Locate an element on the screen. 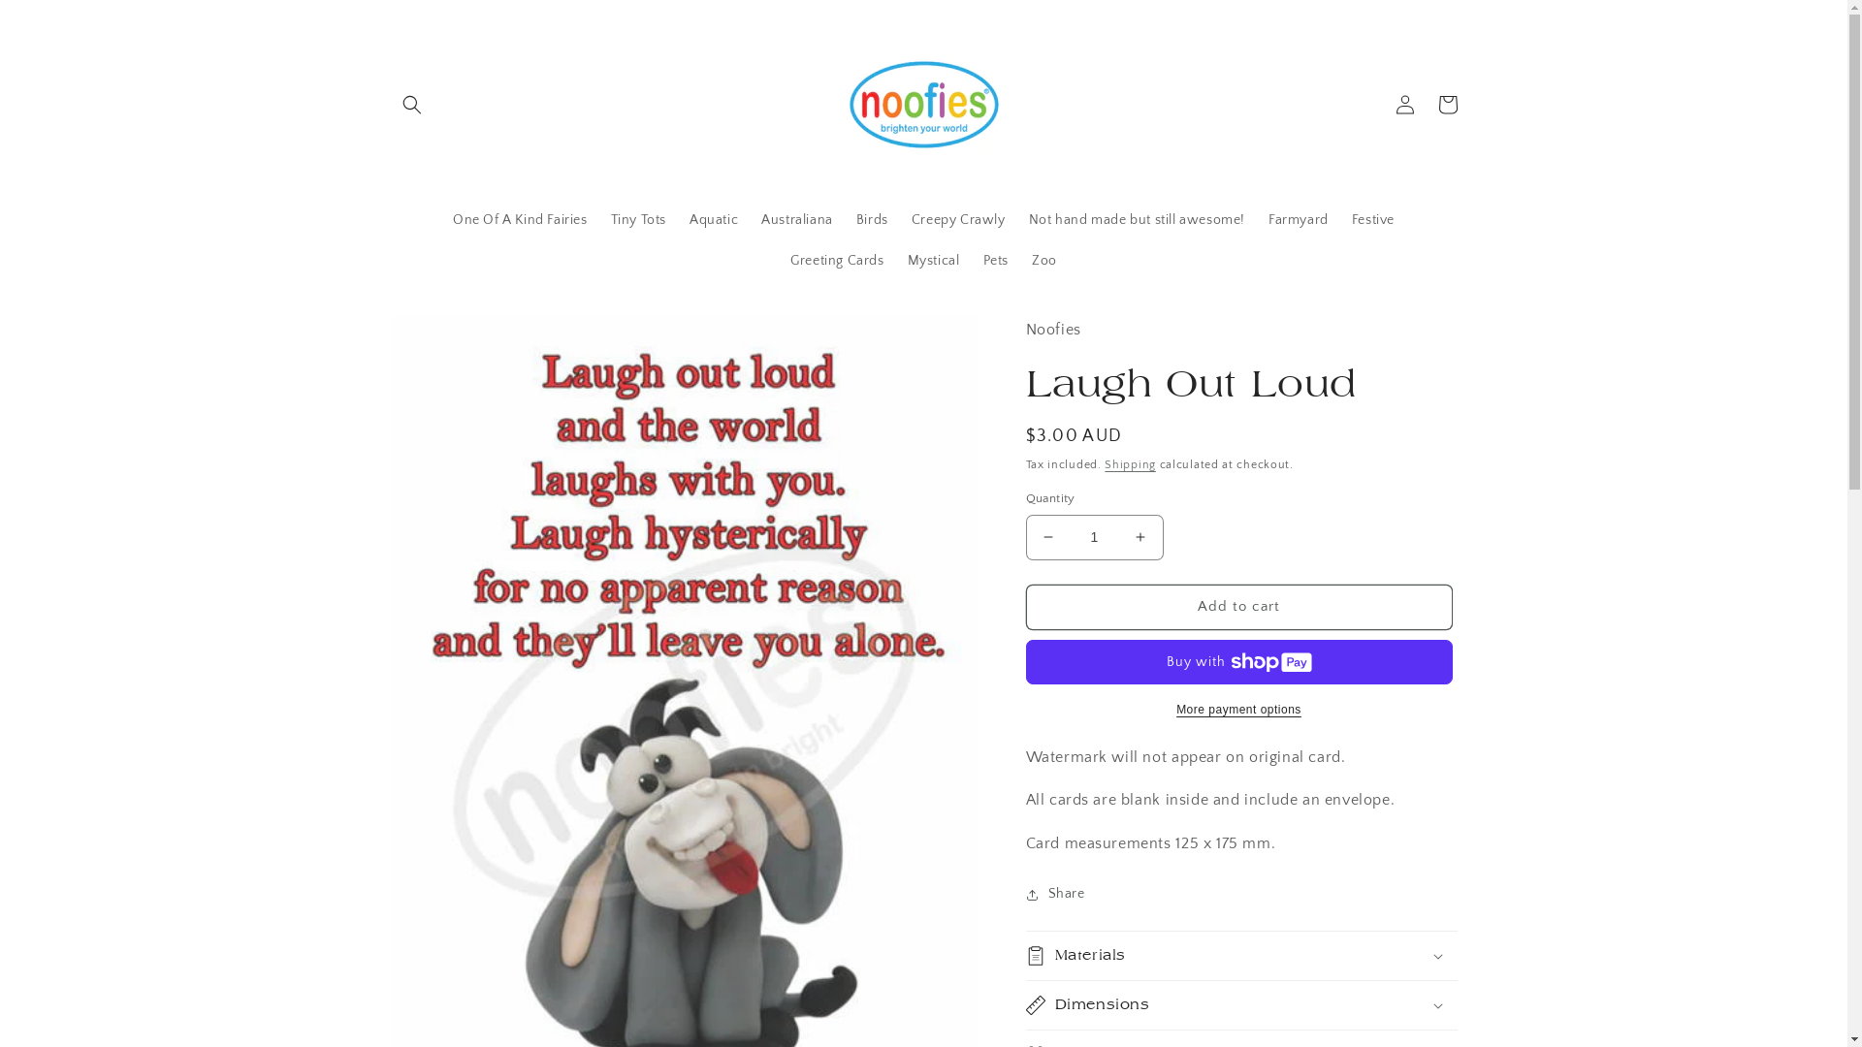 This screenshot has width=1862, height=1047. 'Log in' is located at coordinates (1381, 105).